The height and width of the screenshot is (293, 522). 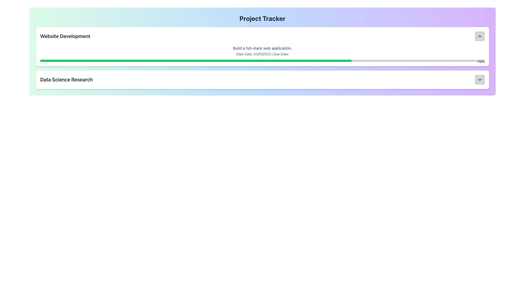 What do you see at coordinates (480, 36) in the screenshot?
I see `the chevron icon in the upper-right corner of the 'Website Development' section` at bounding box center [480, 36].